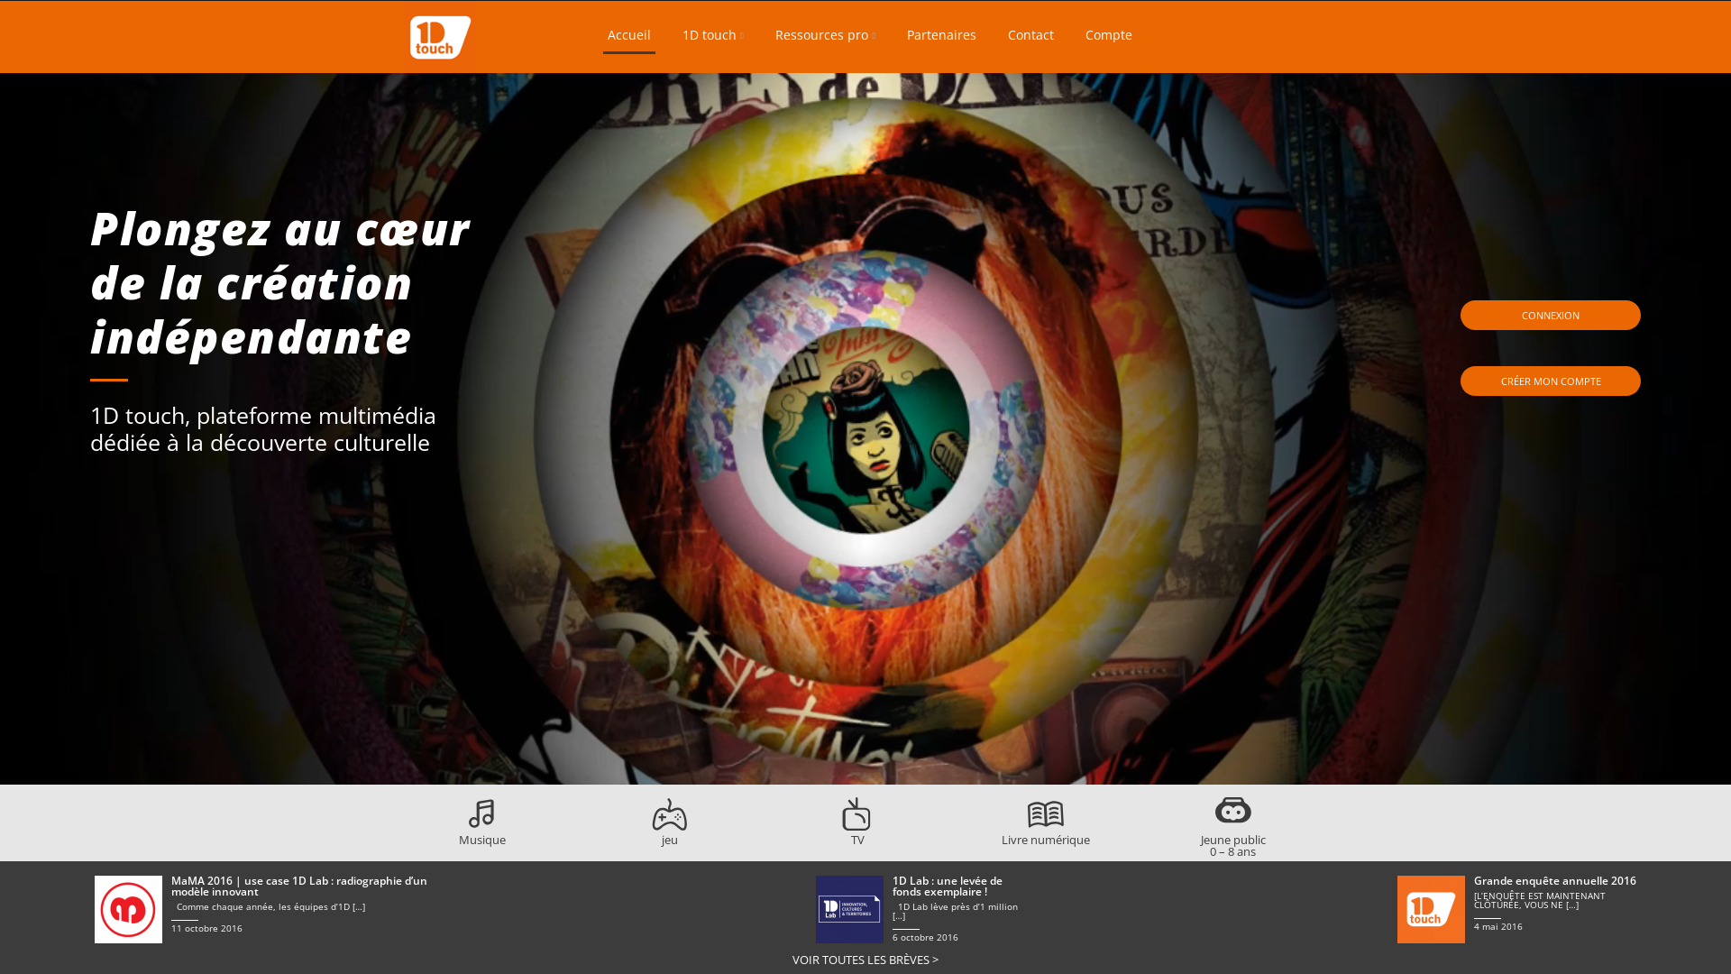  What do you see at coordinates (1299, 34) in the screenshot?
I see `'Instagram'` at bounding box center [1299, 34].